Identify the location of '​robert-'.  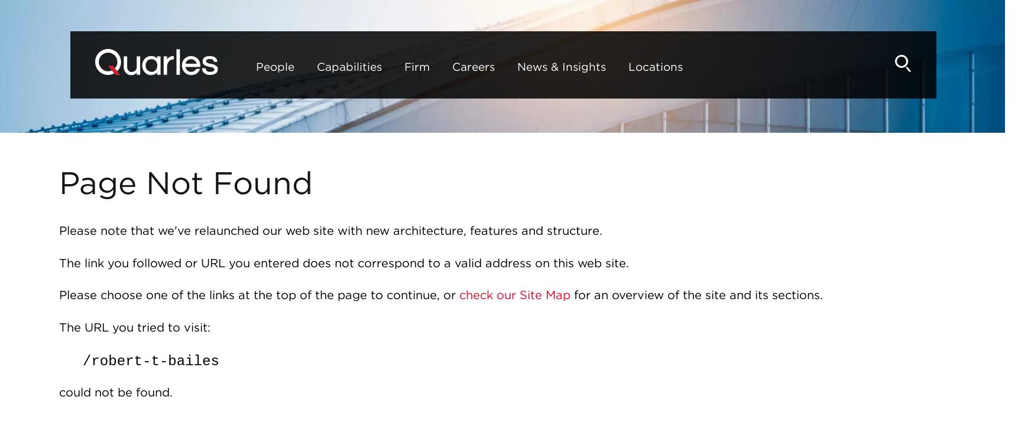
(120, 360).